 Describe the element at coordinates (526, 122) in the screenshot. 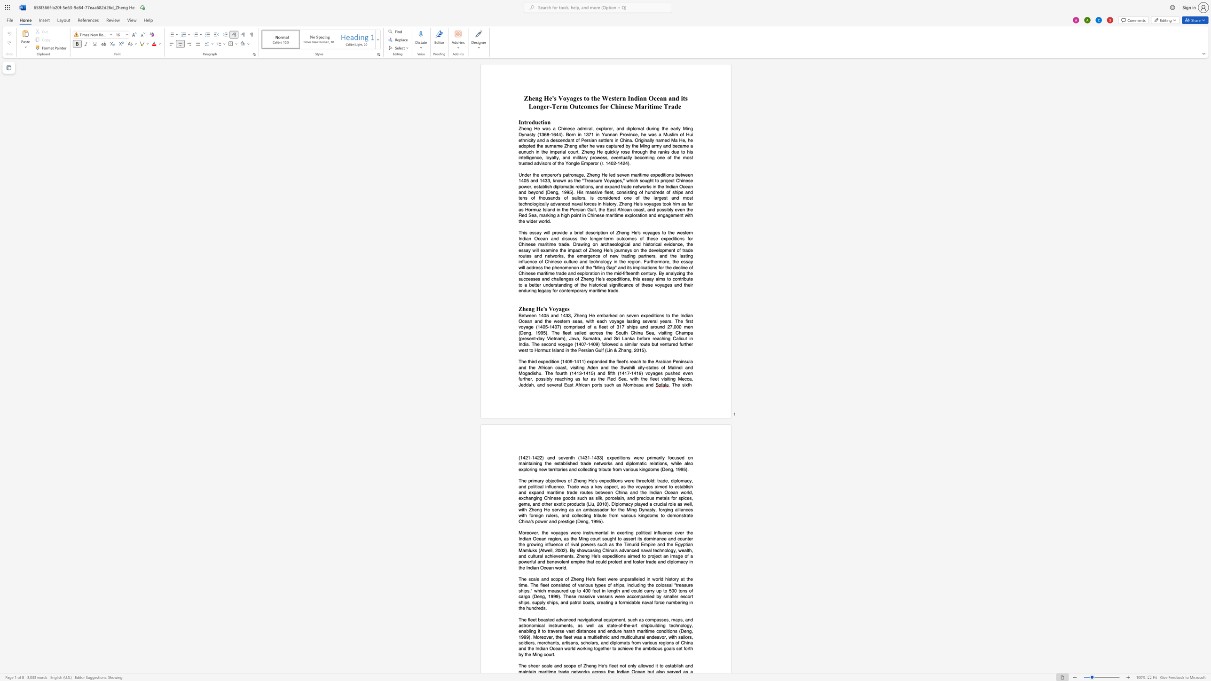

I see `the subset text "roduc" within the text "Introduction"` at that location.